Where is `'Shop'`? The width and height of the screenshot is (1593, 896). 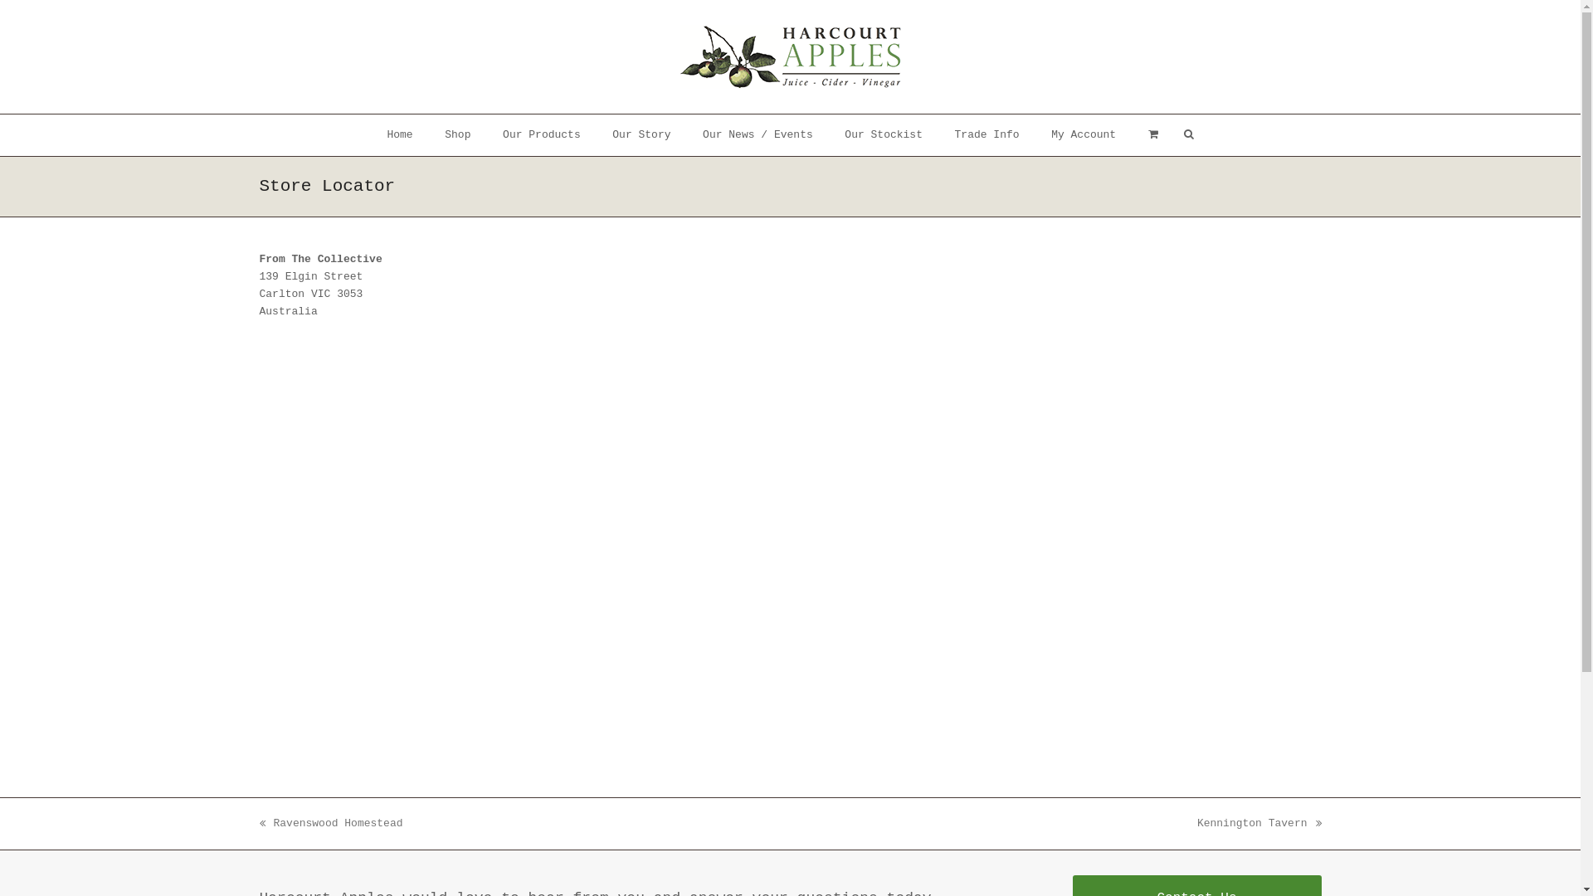
'Shop' is located at coordinates (458, 134).